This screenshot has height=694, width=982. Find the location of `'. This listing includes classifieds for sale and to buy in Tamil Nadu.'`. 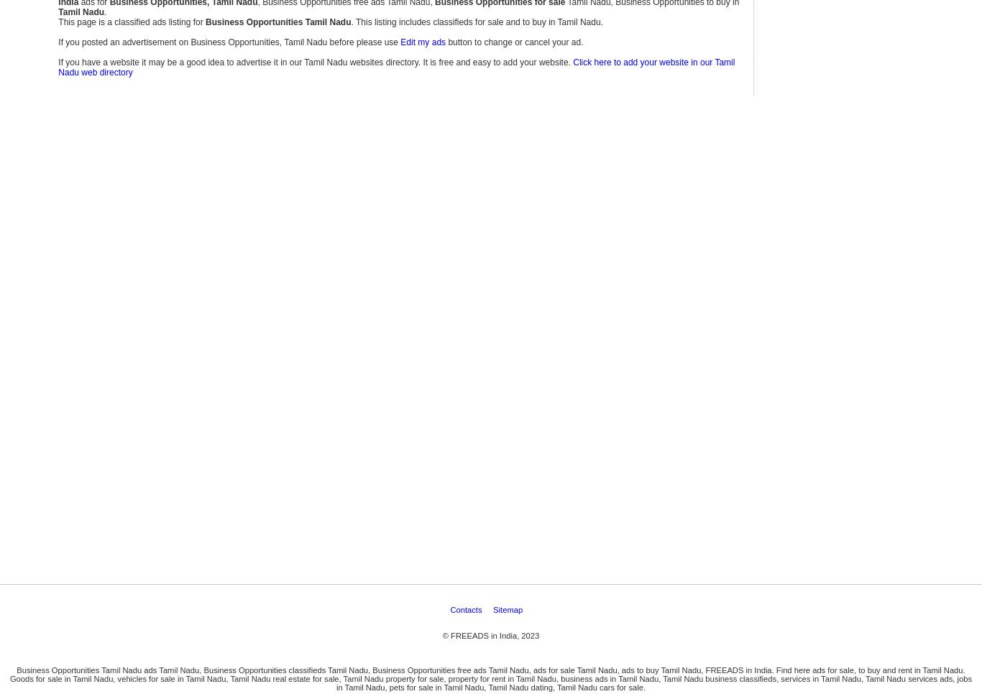

'. This listing includes classifieds for sale and to buy in Tamil Nadu.' is located at coordinates (476, 22).